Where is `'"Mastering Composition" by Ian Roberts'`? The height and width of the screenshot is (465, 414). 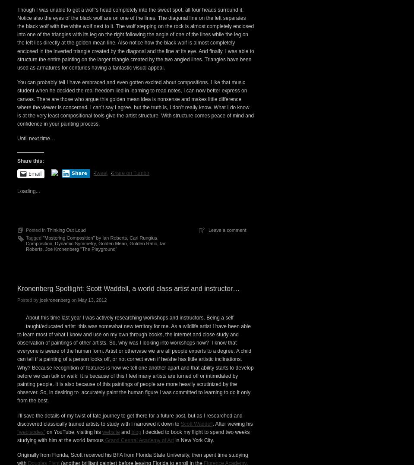
'"Mastering Composition" by Ian Roberts' is located at coordinates (84, 387).